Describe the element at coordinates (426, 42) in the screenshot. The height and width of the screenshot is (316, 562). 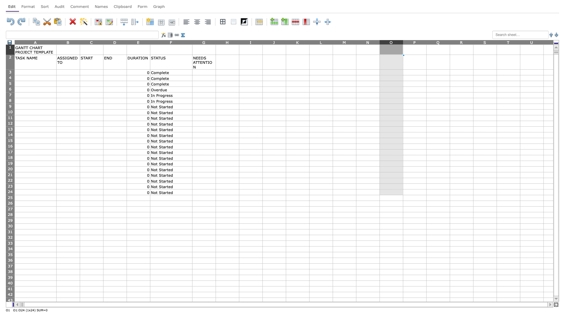
I see `the right edge of column P to resize` at that location.